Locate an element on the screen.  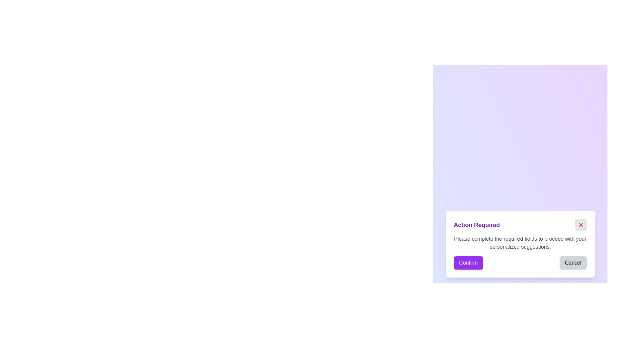
the 'Confirm' button with a purple background and white text to confirm the action is located at coordinates (468, 262).